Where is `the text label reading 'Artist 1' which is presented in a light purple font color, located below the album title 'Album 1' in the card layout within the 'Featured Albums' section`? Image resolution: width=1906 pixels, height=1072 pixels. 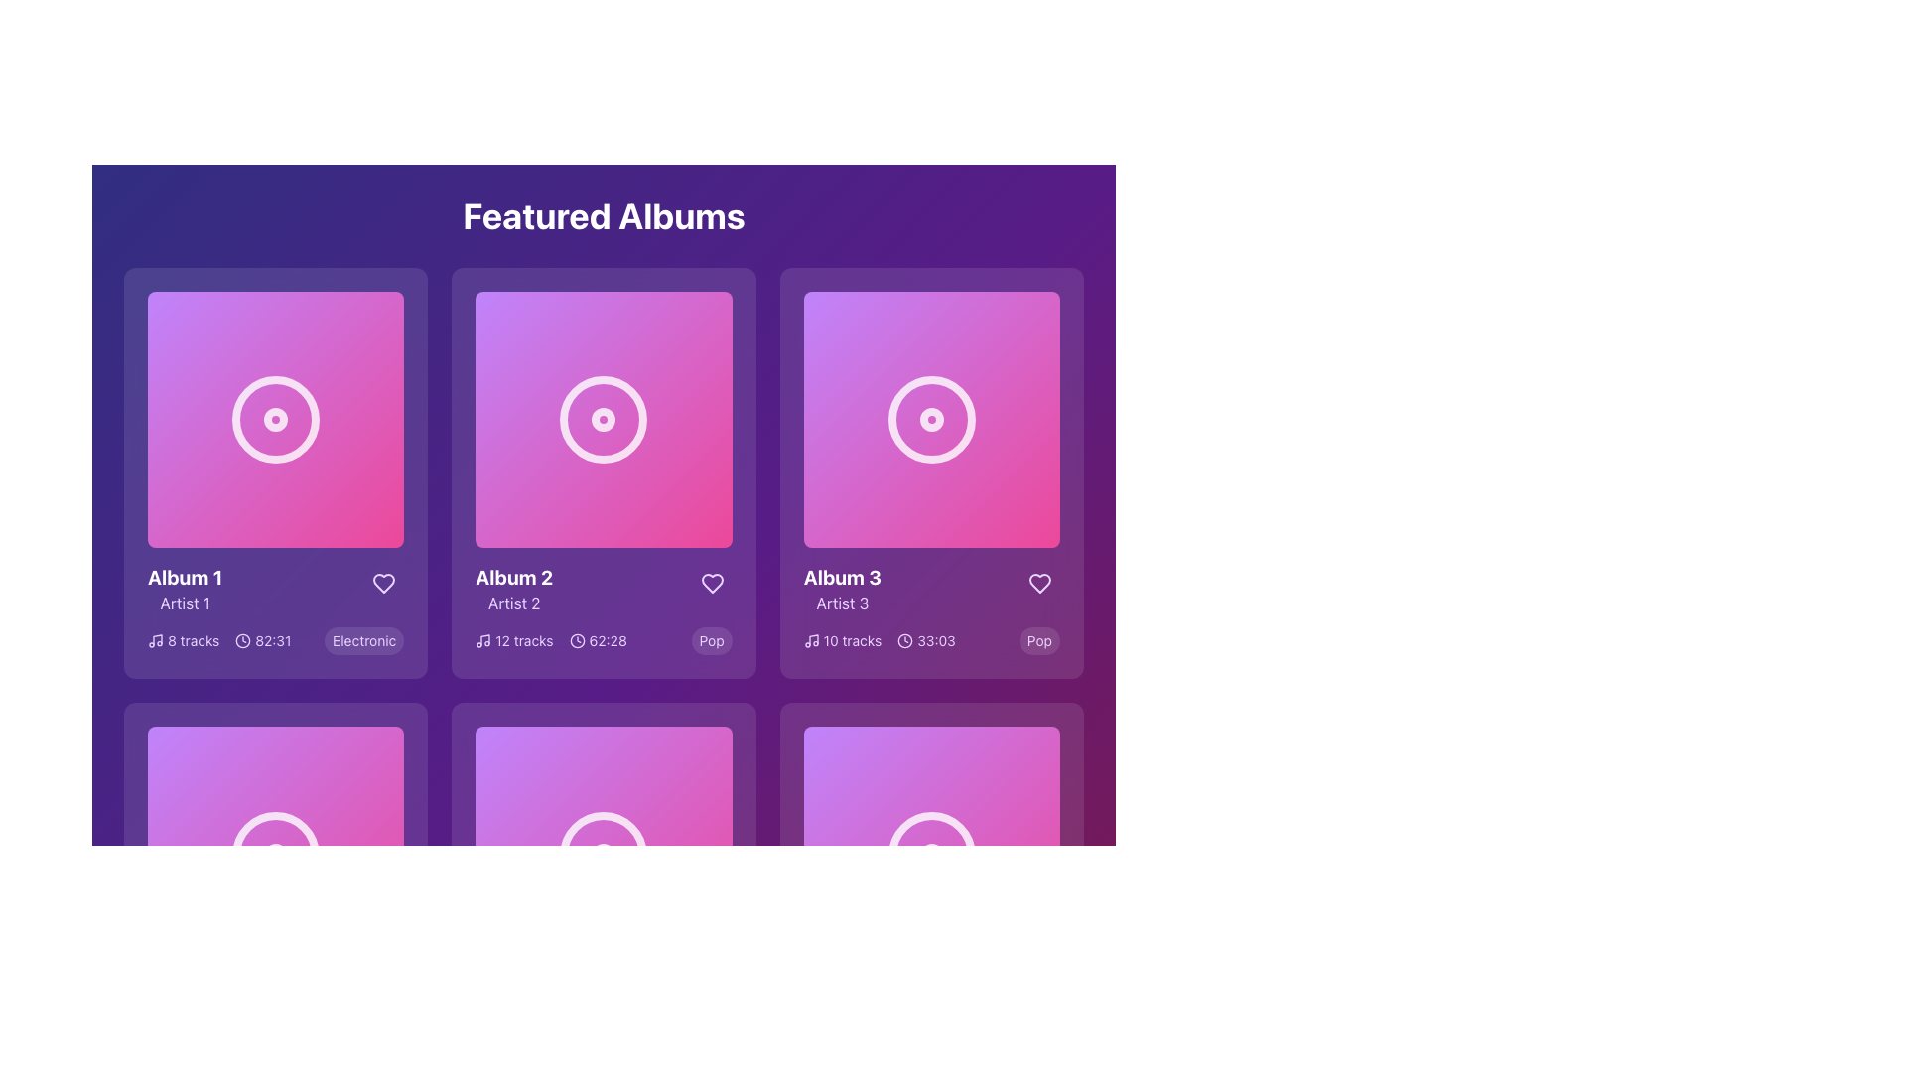 the text label reading 'Artist 1' which is presented in a light purple font color, located below the album title 'Album 1' in the card layout within the 'Featured Albums' section is located at coordinates (185, 603).